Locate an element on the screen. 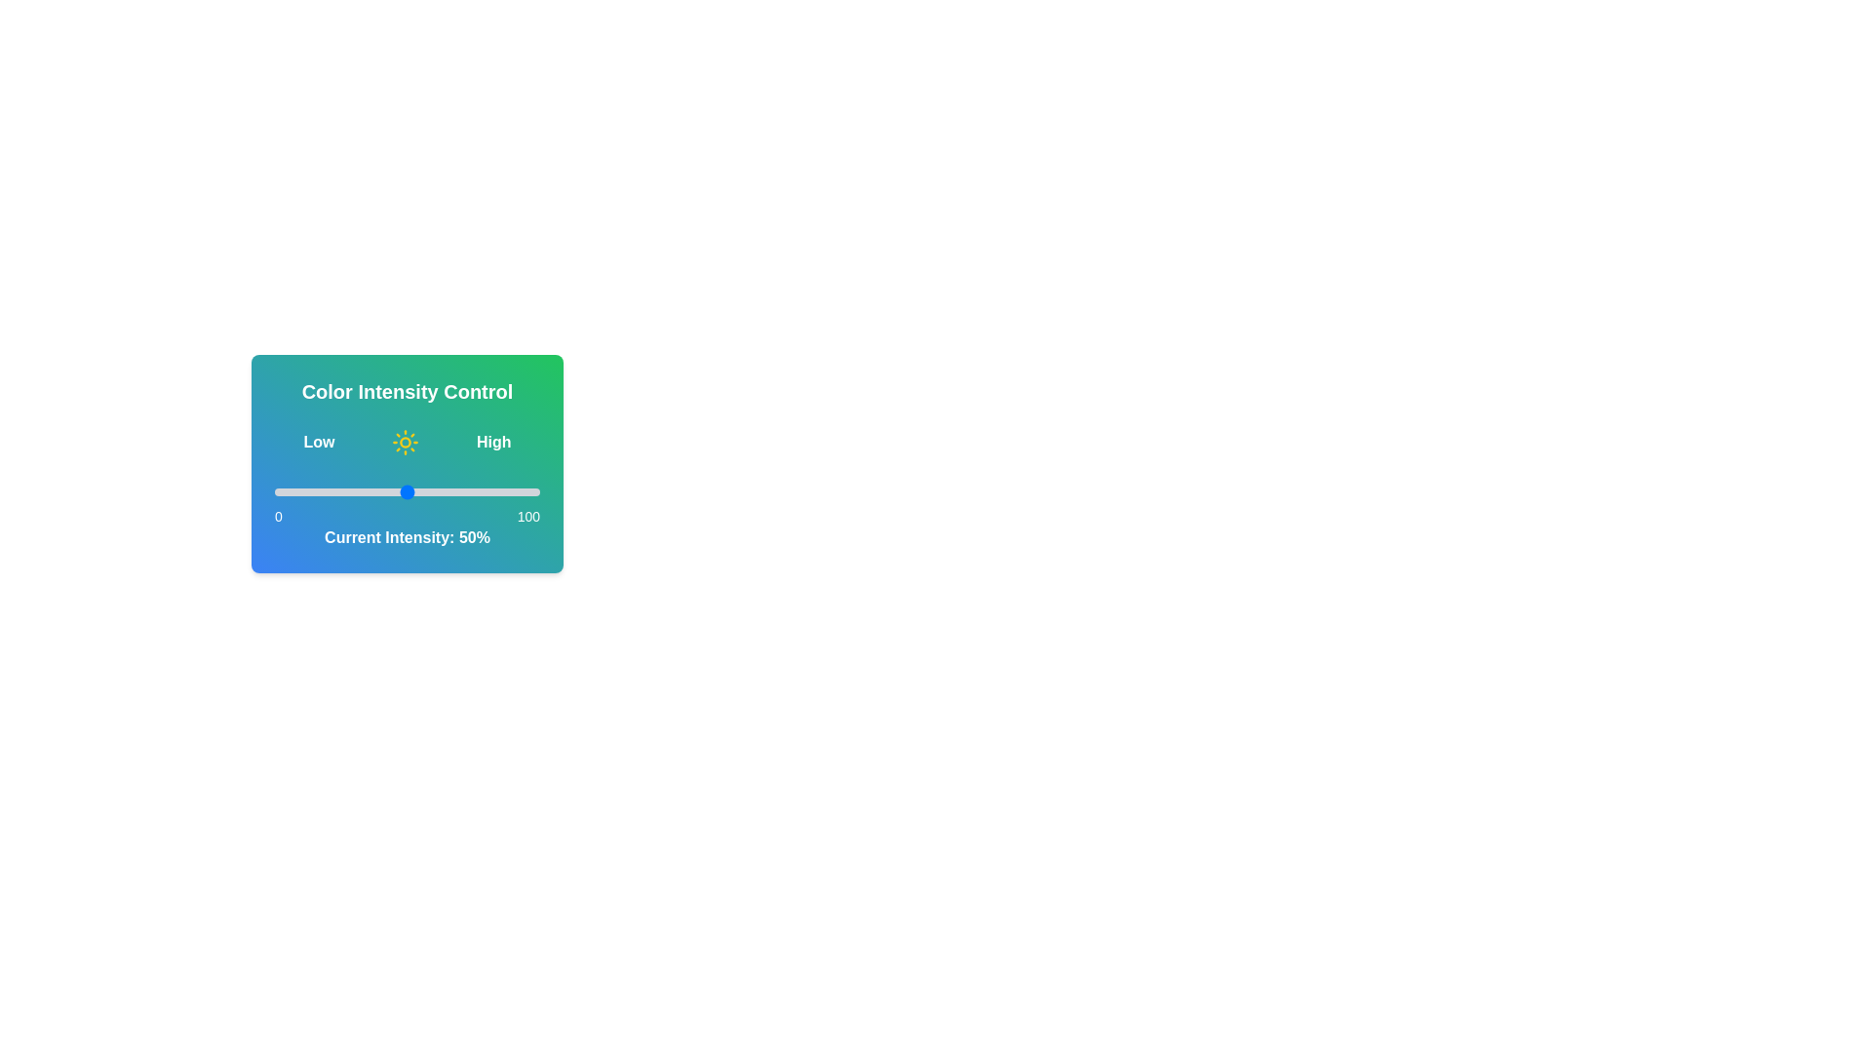 Image resolution: width=1872 pixels, height=1053 pixels. the slider value is located at coordinates (388, 491).